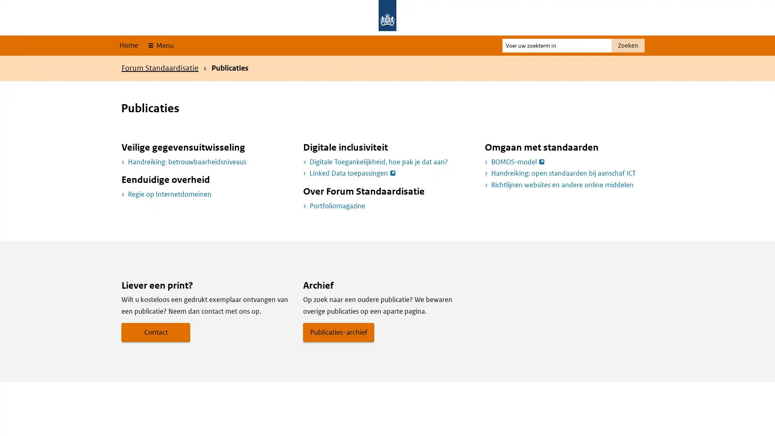 The height and width of the screenshot is (436, 775). Describe the element at coordinates (627, 45) in the screenshot. I see `Zoeken` at that location.